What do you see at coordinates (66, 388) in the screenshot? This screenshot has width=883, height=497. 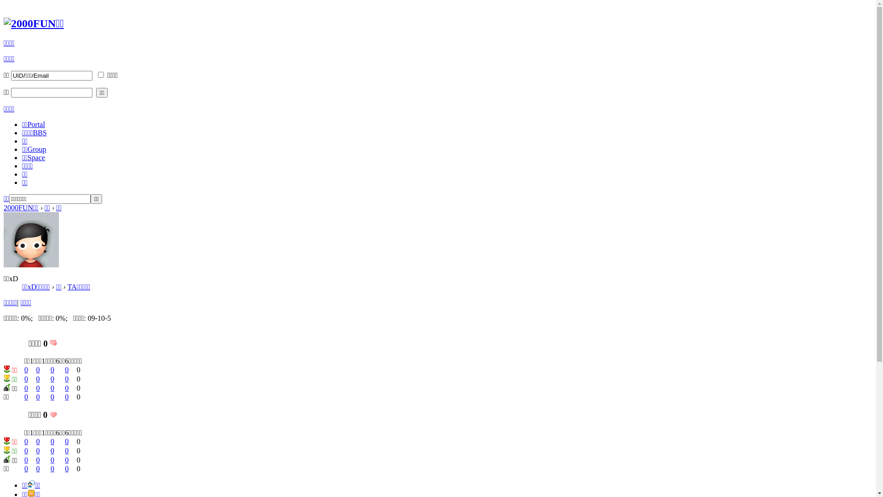 I see `'0'` at bounding box center [66, 388].